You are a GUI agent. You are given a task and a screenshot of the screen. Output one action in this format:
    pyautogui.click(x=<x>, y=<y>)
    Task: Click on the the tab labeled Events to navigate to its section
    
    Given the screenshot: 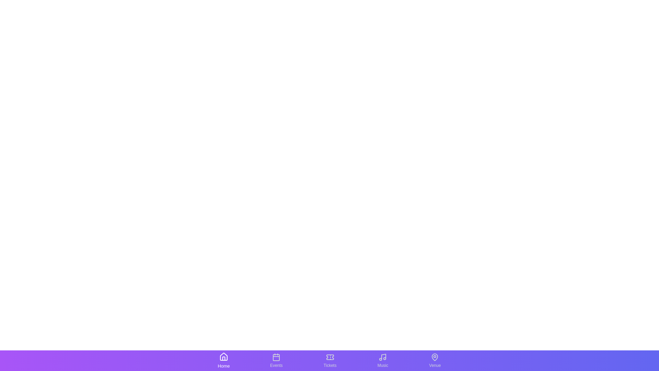 What is the action you would take?
    pyautogui.click(x=276, y=360)
    